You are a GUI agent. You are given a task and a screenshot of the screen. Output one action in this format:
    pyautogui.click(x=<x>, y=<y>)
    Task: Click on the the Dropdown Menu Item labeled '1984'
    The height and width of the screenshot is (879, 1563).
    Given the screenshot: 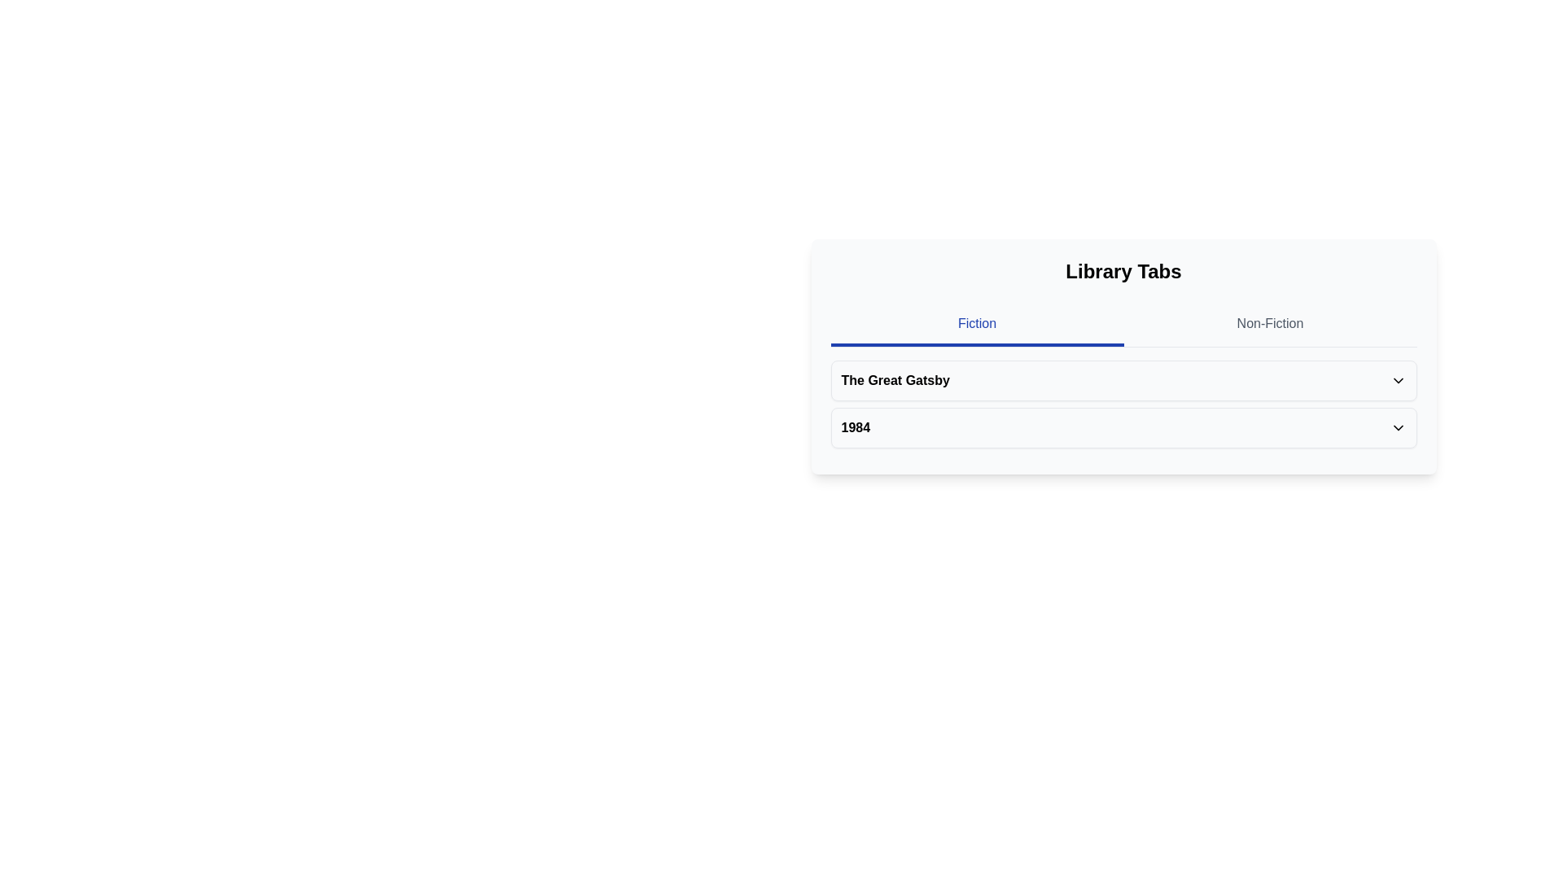 What is the action you would take?
    pyautogui.click(x=1123, y=426)
    